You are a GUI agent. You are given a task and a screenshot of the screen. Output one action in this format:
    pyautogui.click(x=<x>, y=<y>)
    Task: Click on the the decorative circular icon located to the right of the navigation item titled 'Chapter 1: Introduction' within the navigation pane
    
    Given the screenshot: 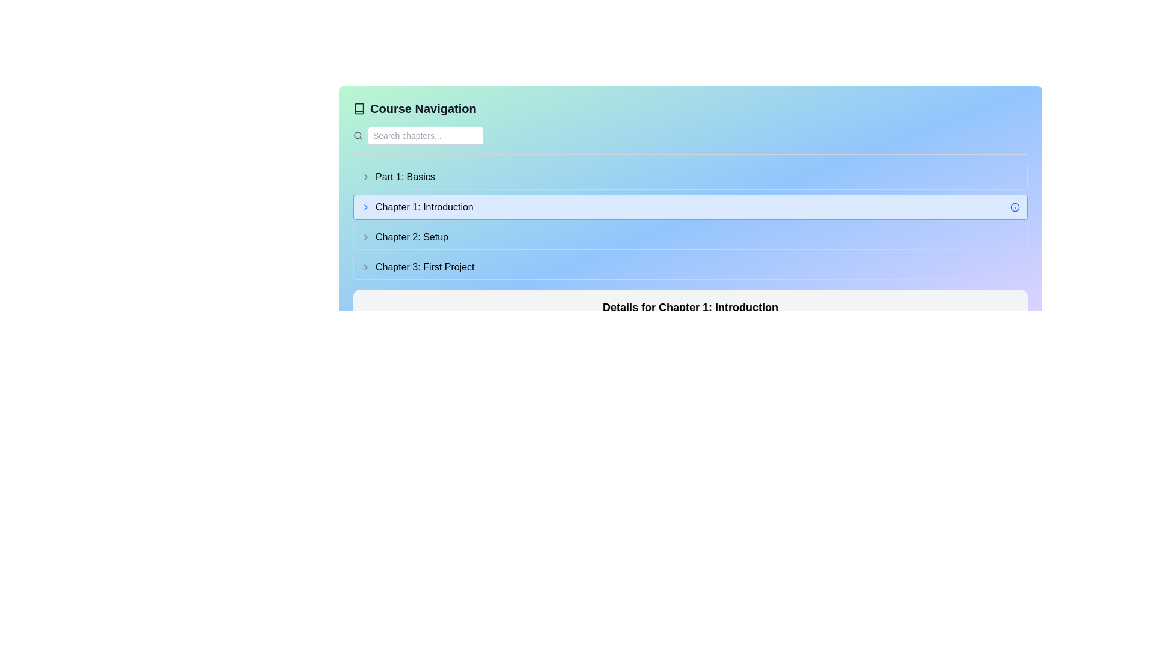 What is the action you would take?
    pyautogui.click(x=1015, y=206)
    